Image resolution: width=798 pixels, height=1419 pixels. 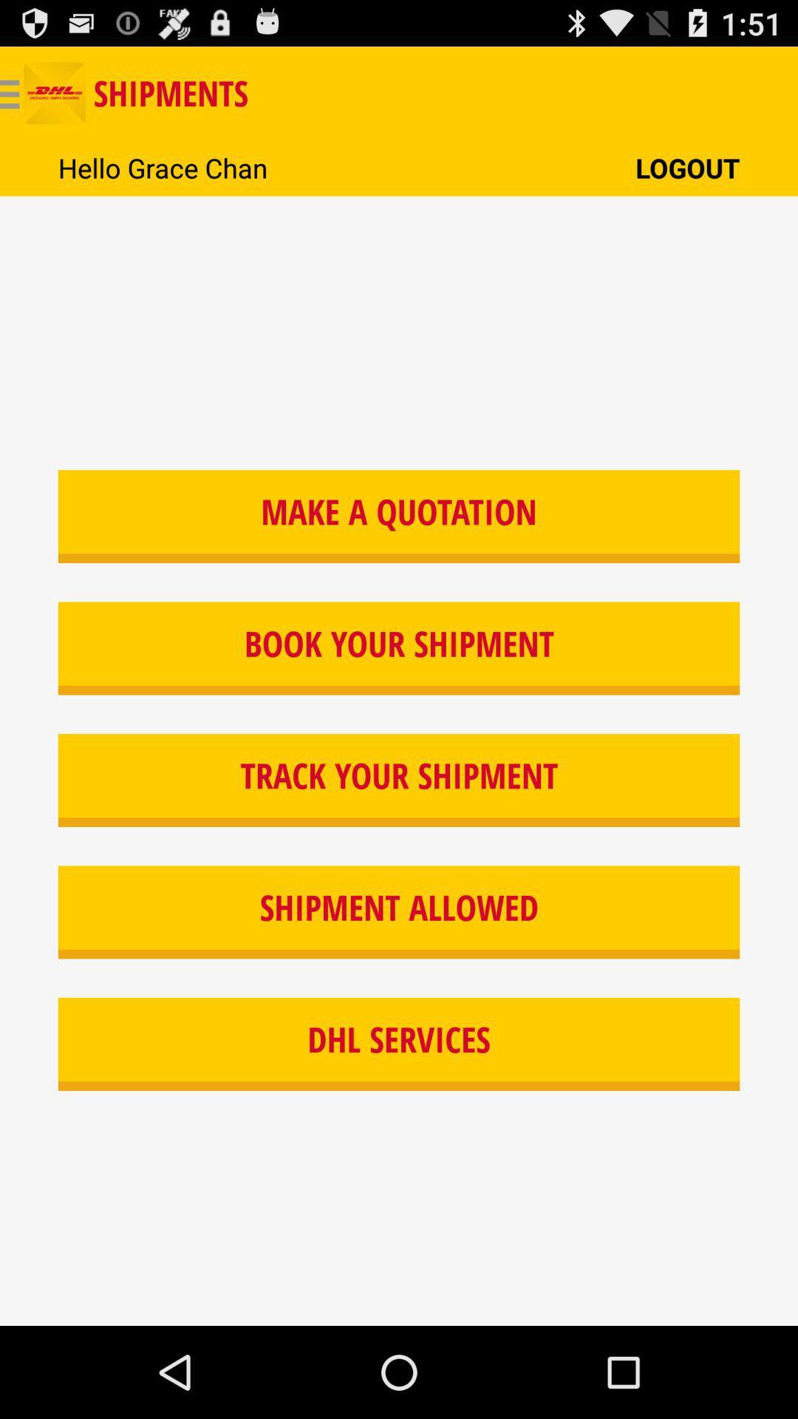 I want to click on the dhl services at the bottom, so click(x=399, y=1043).